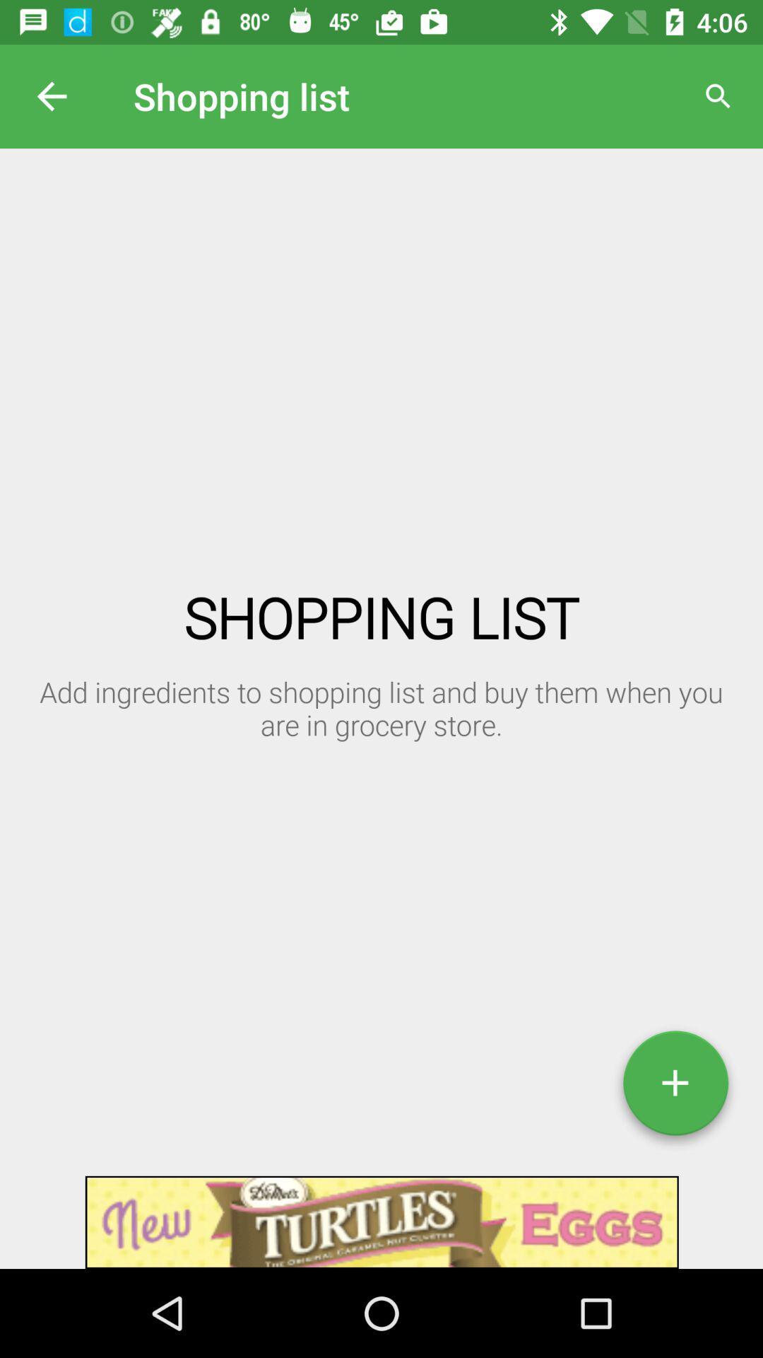 The height and width of the screenshot is (1358, 763). Describe the element at coordinates (675, 1088) in the screenshot. I see `the add icon` at that location.